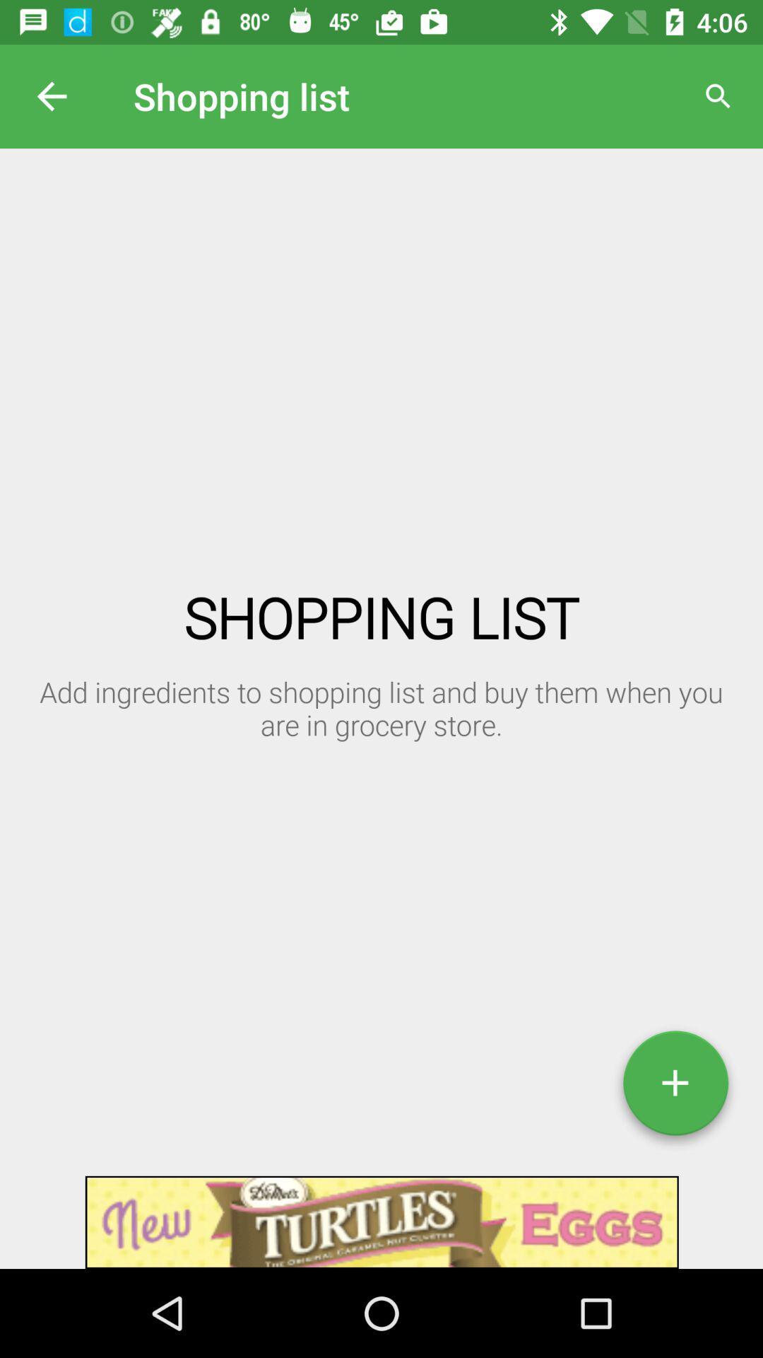 The height and width of the screenshot is (1358, 763). Describe the element at coordinates (675, 1088) in the screenshot. I see `the add icon` at that location.